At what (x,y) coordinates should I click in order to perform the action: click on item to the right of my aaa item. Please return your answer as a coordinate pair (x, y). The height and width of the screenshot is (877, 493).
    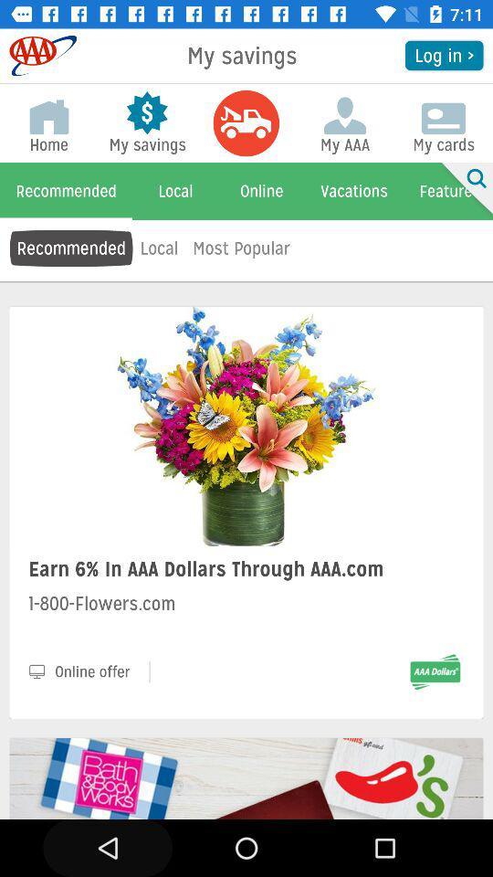
    Looking at the image, I should click on (464, 191).